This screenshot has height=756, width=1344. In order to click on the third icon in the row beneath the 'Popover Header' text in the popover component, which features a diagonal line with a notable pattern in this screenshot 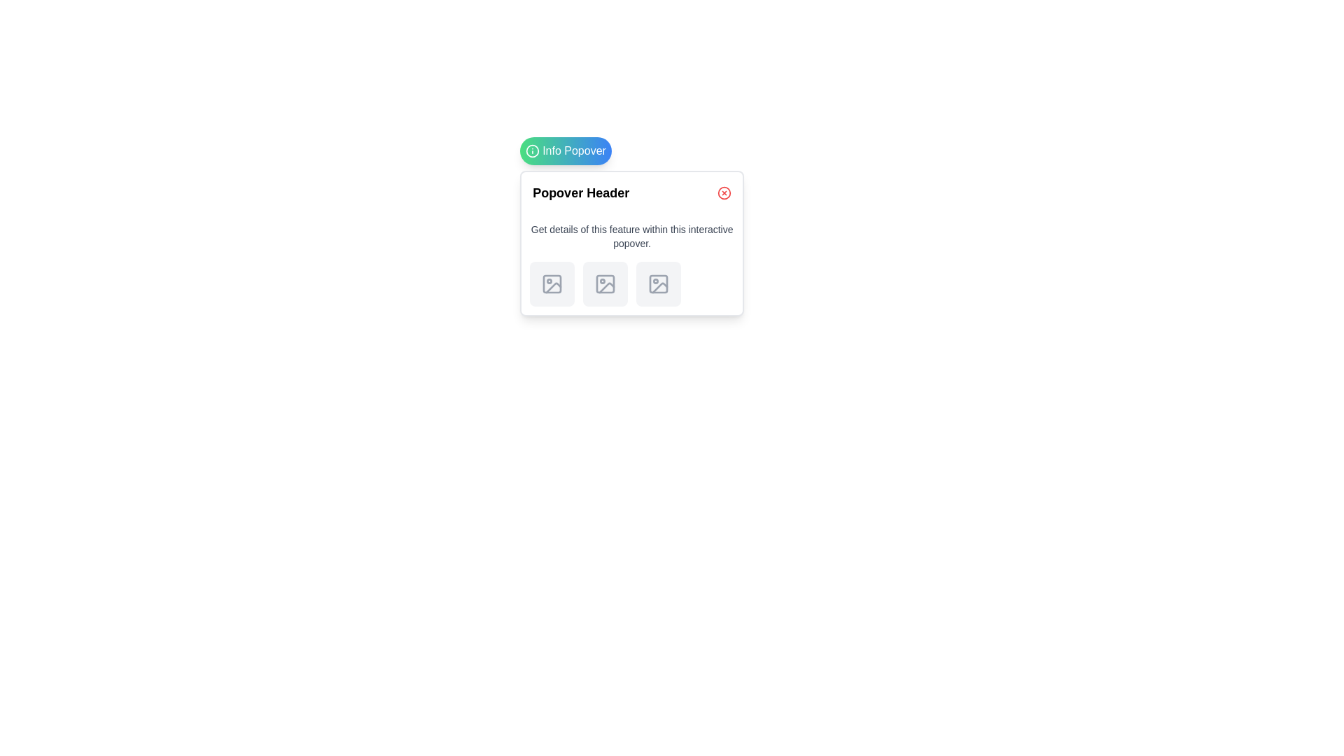, I will do `click(659, 287)`.